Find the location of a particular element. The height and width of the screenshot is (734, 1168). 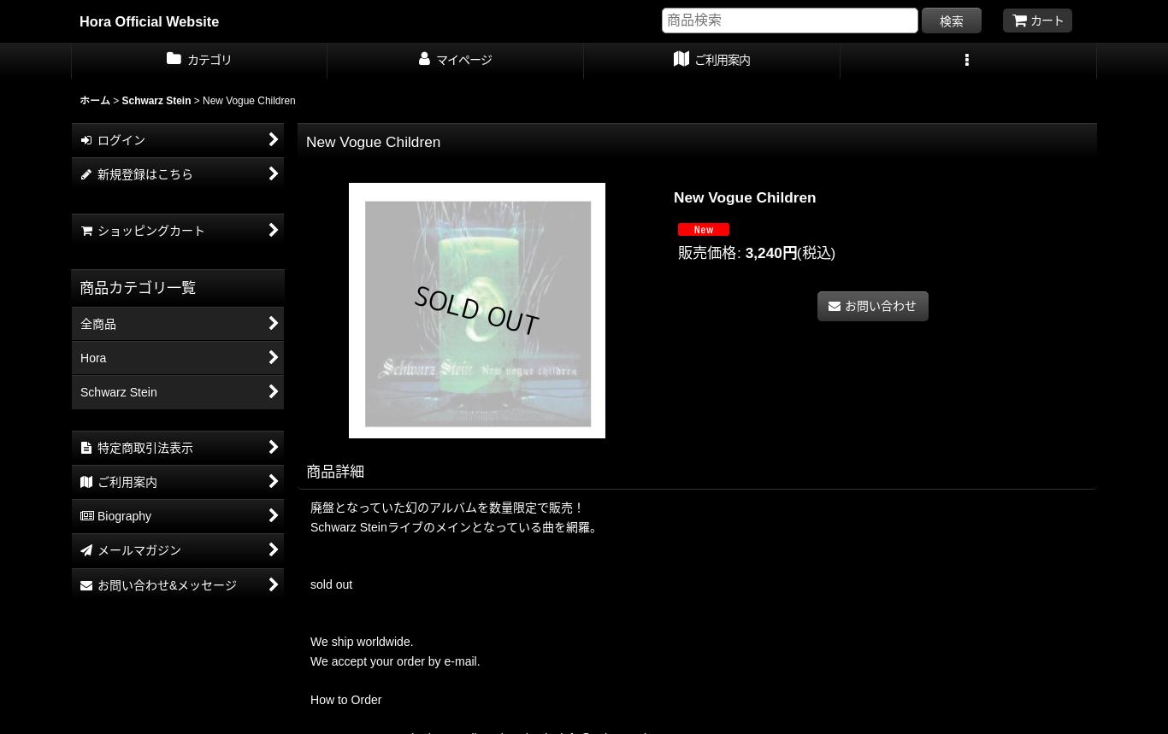

'We ship worldwide.' is located at coordinates (361, 641).